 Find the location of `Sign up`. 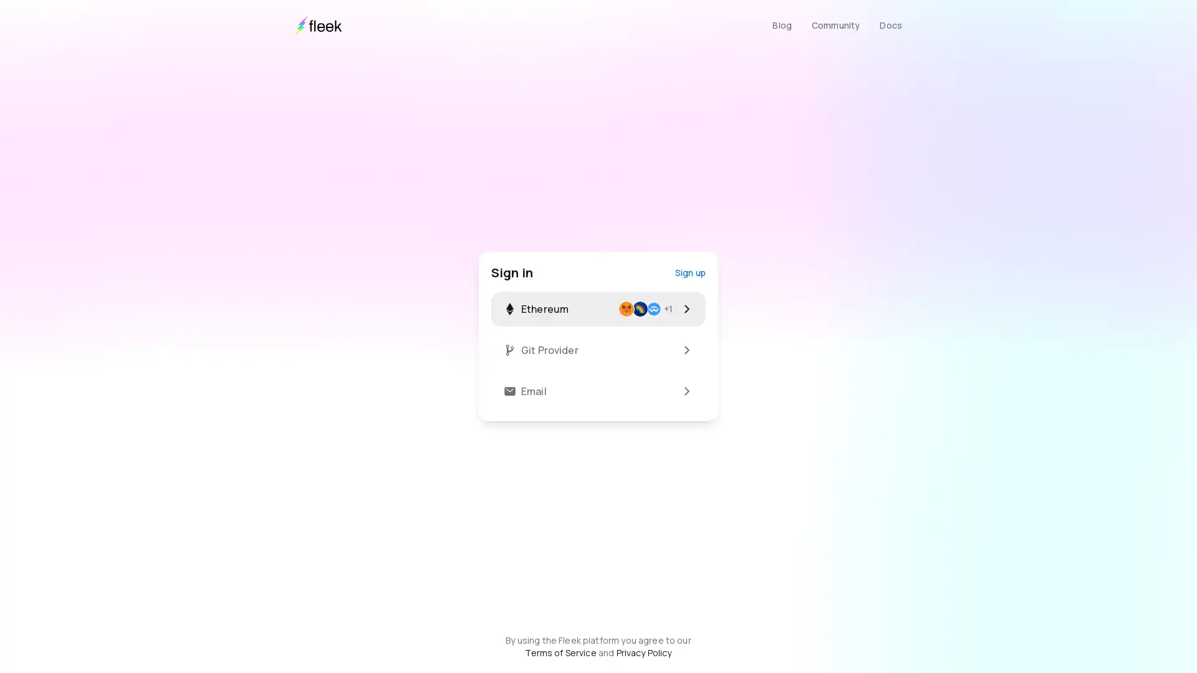

Sign up is located at coordinates (690, 272).